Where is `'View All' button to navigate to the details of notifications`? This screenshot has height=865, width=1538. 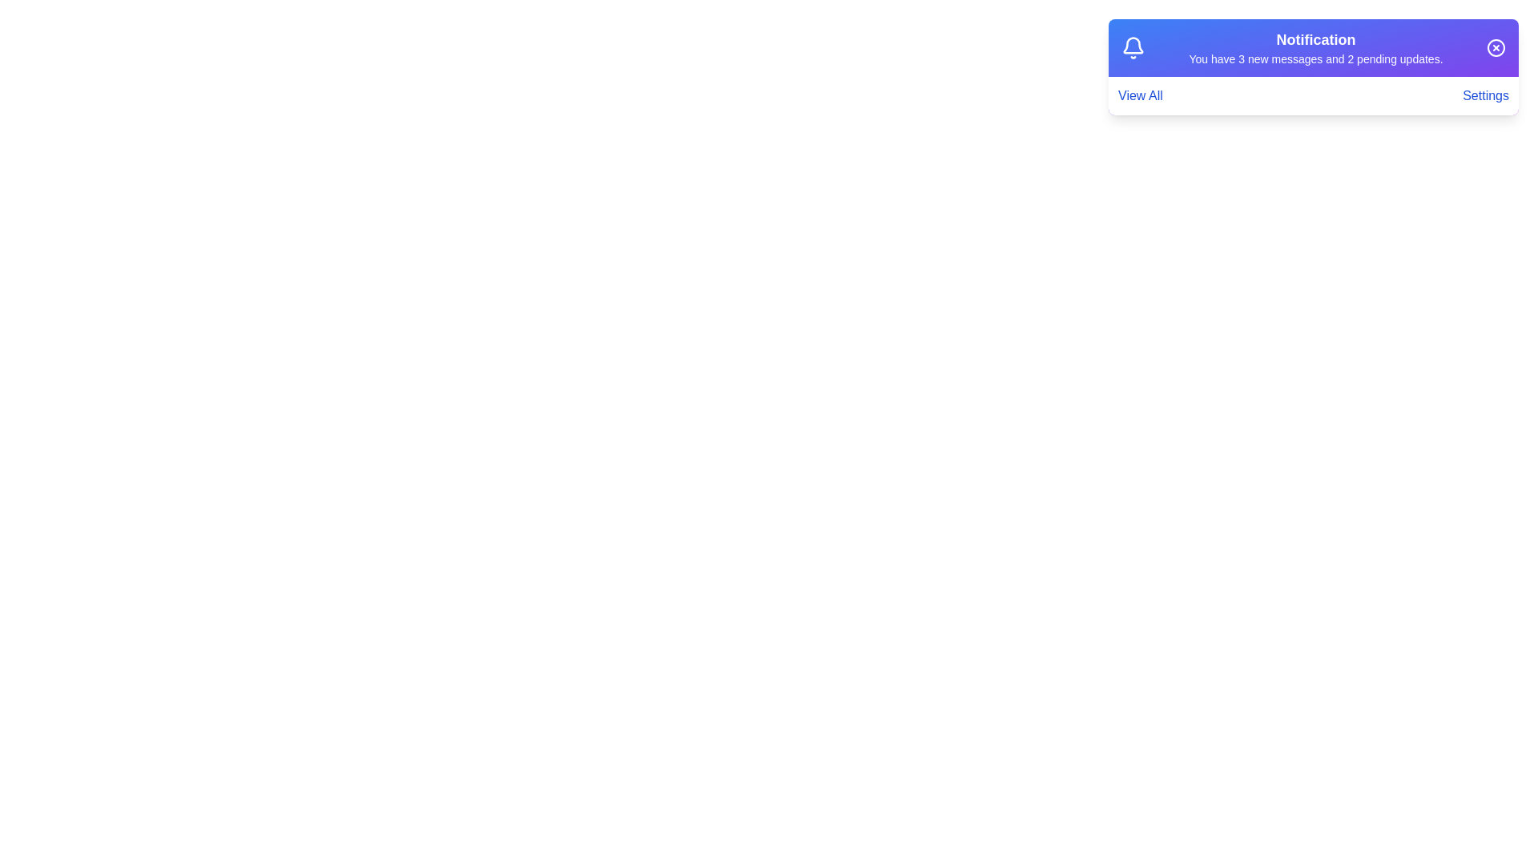
'View All' button to navigate to the details of notifications is located at coordinates (1139, 95).